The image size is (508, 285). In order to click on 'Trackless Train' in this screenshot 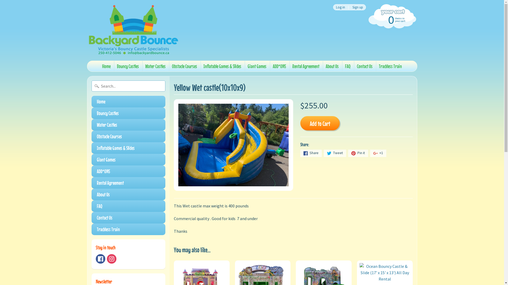, I will do `click(390, 66)`.